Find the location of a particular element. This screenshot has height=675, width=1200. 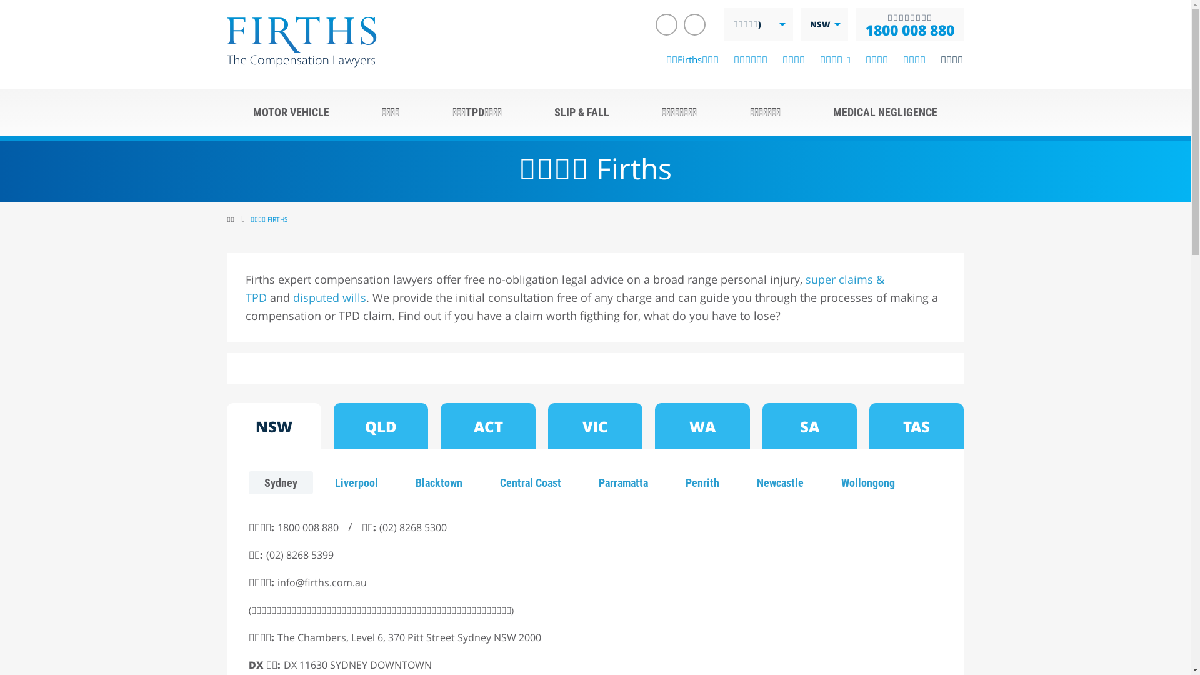

'SLIP & FALL' is located at coordinates (527, 112).